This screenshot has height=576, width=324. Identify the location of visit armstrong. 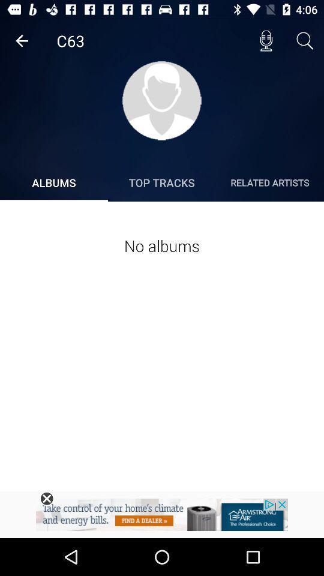
(162, 518).